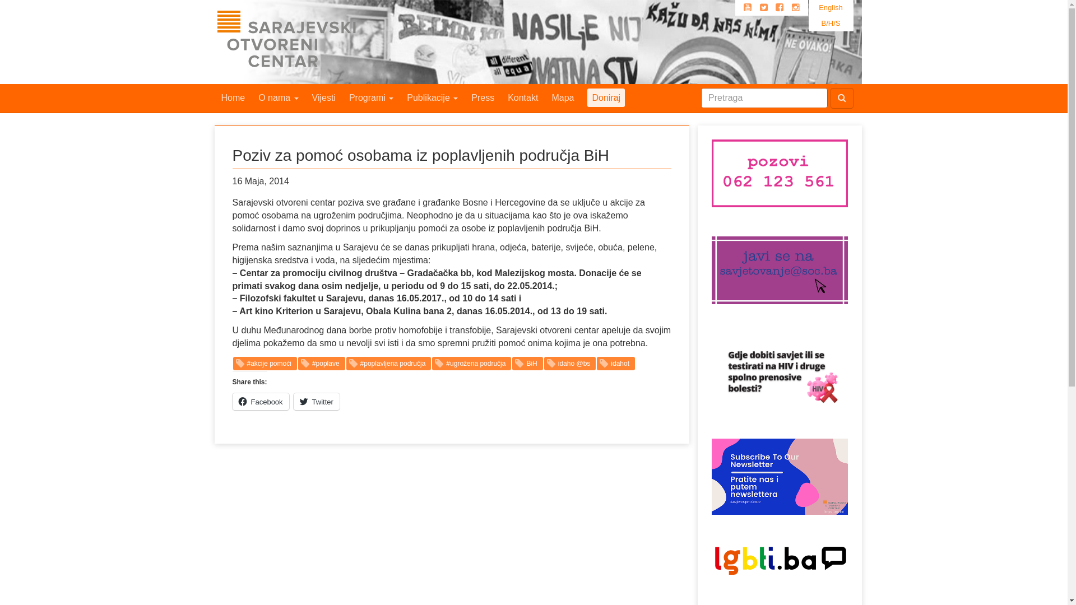  What do you see at coordinates (511, 363) in the screenshot?
I see `'BiH'` at bounding box center [511, 363].